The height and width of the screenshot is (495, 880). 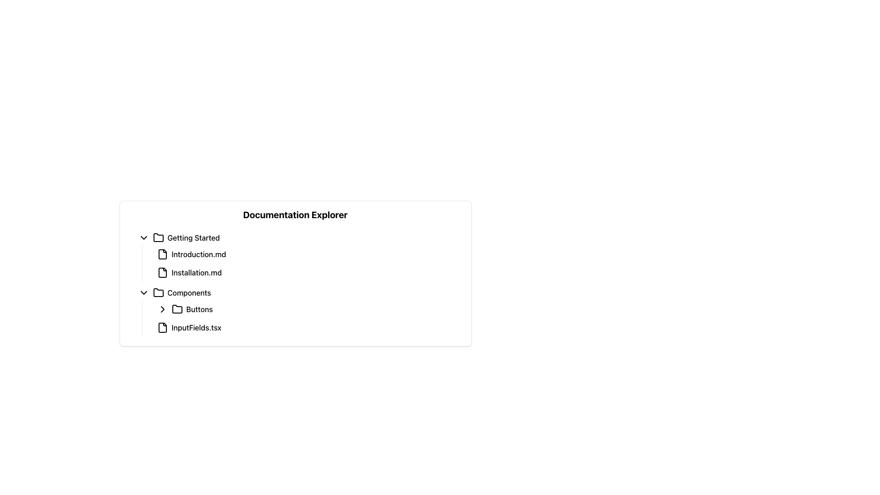 I want to click on the Folder item in the navigation tree under the 'Documentation Explorer' heading, so click(x=186, y=237).